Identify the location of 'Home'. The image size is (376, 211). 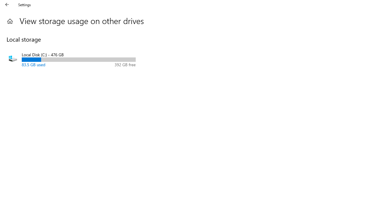
(10, 21).